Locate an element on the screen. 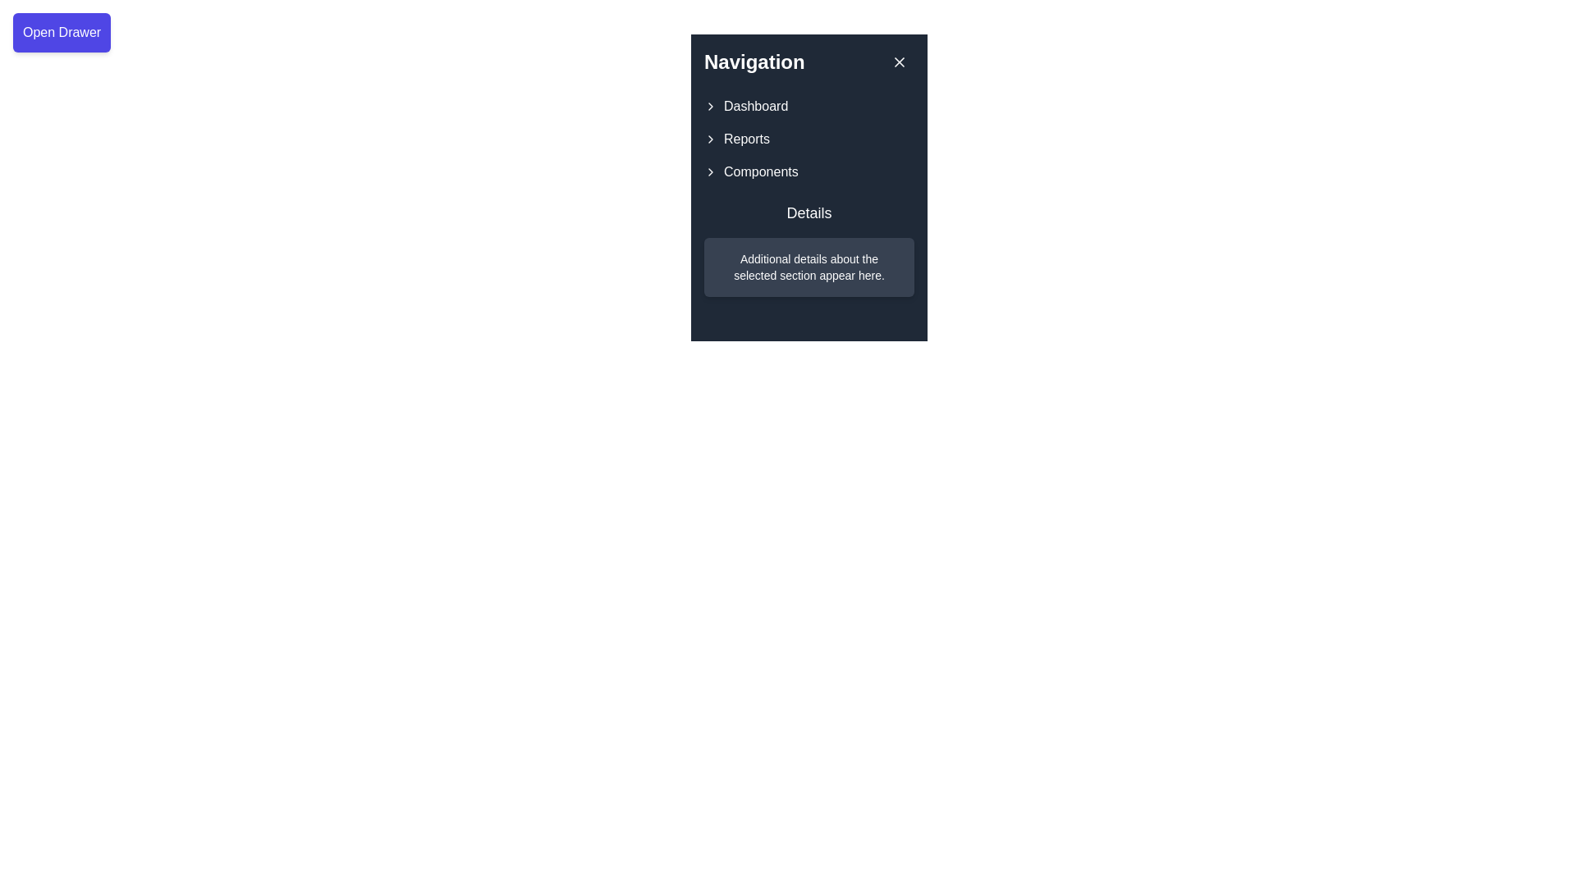  the Chevron icon located in the 'Components' entry of the navigation menu is located at coordinates (710, 171).